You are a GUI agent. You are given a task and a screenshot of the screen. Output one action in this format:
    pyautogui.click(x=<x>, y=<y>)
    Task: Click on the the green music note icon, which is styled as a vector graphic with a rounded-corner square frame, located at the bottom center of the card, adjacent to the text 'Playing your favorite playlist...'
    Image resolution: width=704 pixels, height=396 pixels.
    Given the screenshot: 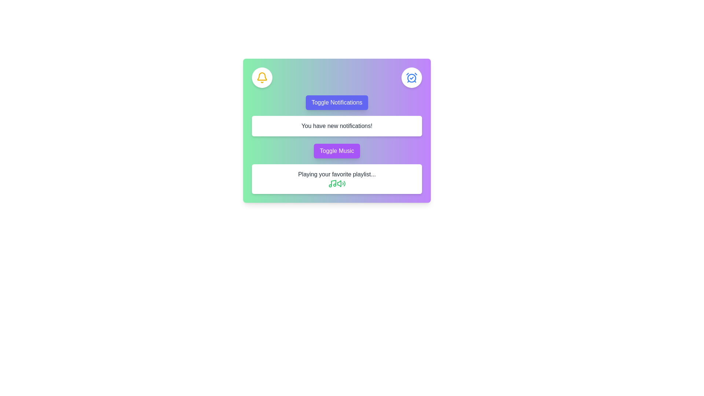 What is the action you would take?
    pyautogui.click(x=332, y=183)
    